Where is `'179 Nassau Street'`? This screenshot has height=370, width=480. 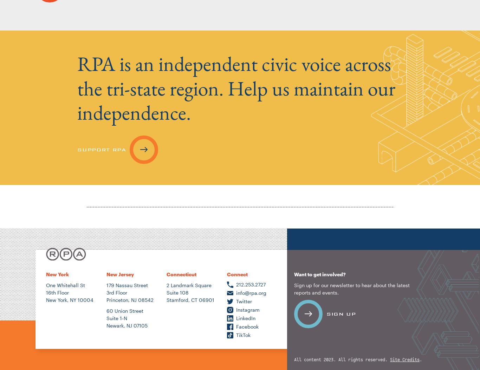 '179 Nassau Street' is located at coordinates (127, 284).